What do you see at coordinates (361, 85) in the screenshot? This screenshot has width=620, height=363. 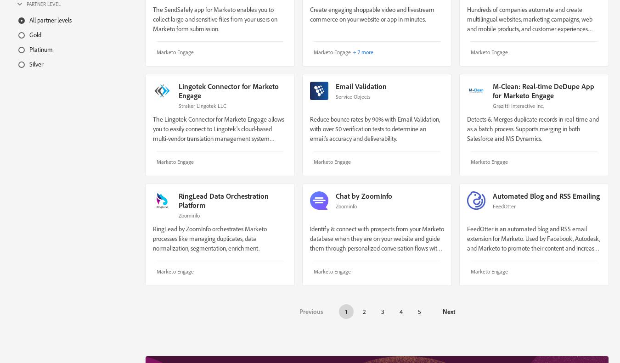 I see `'Email Validation'` at bounding box center [361, 85].